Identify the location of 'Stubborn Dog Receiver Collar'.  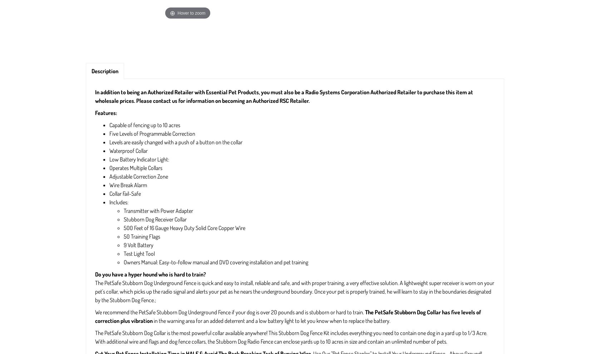
(154, 219).